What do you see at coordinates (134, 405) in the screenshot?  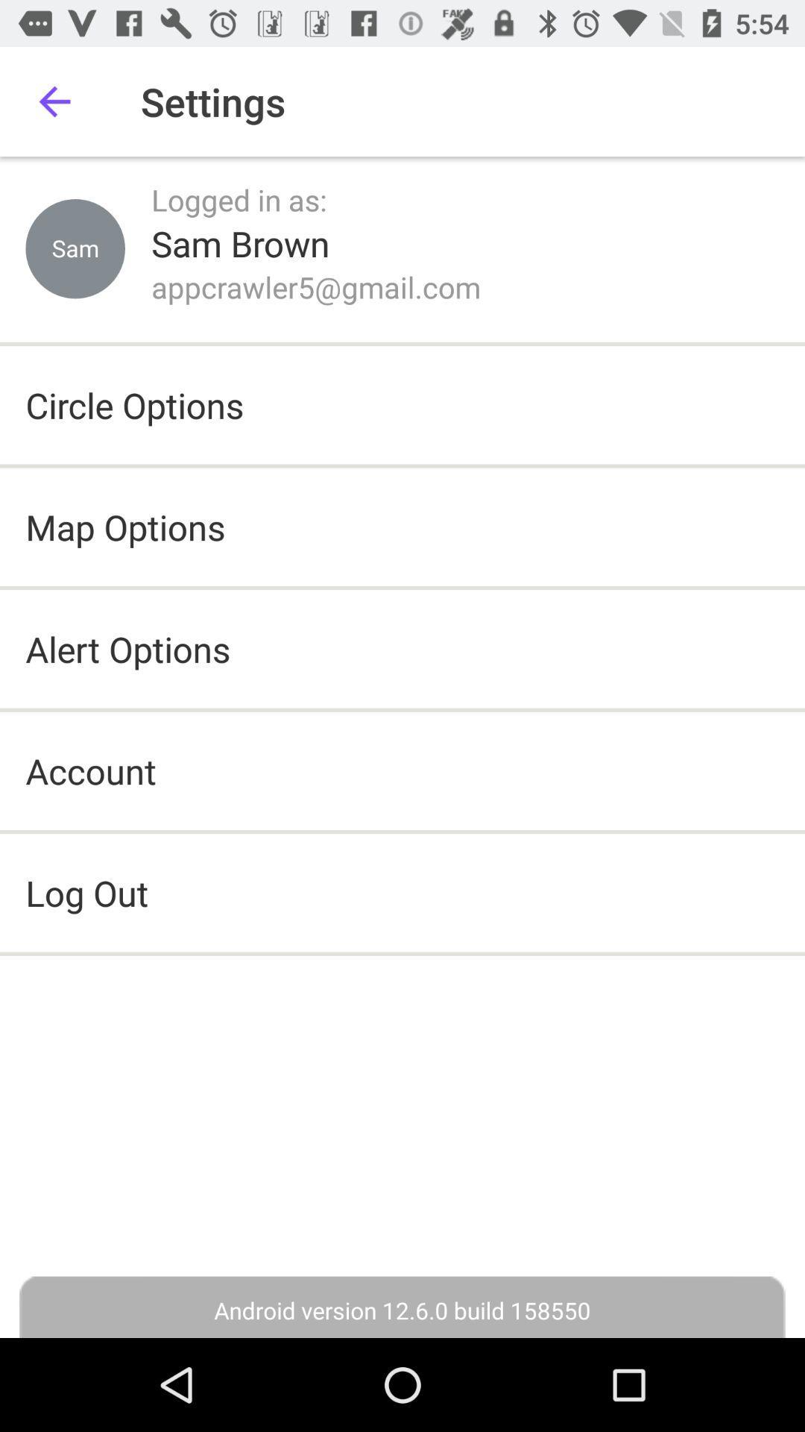 I see `the circle options` at bounding box center [134, 405].